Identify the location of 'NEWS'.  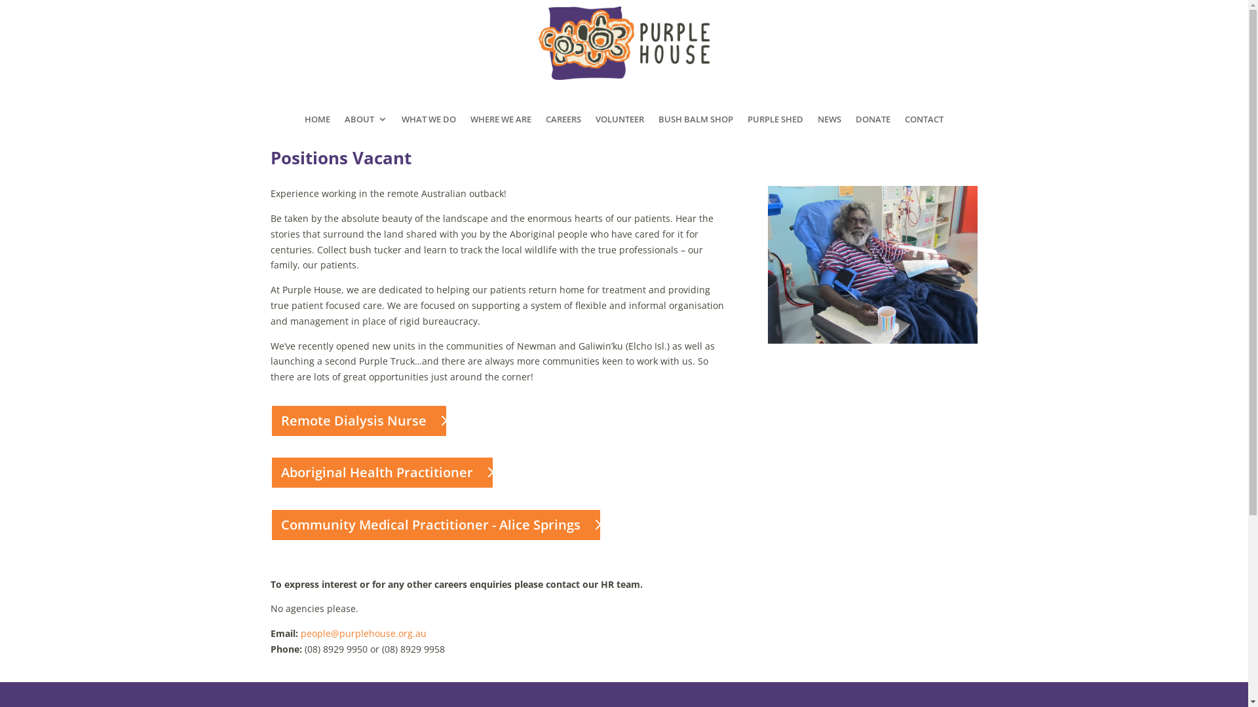
(829, 128).